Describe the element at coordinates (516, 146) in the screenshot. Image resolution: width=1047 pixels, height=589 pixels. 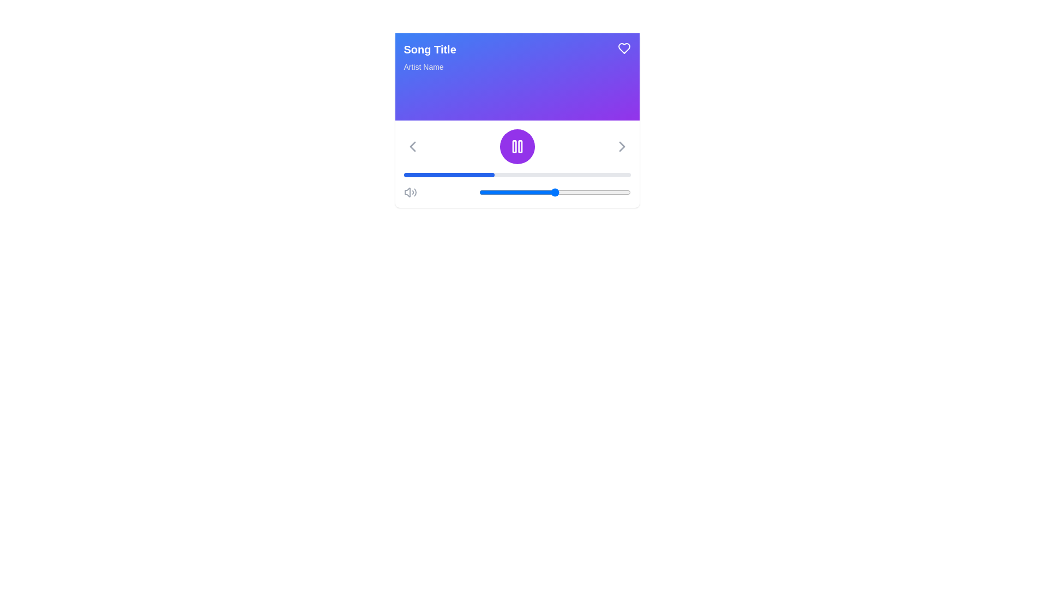
I see `the play/pause toggle button, which is located below the gradient-colored header and above the playback progress bar, to activate the hover styling` at that location.